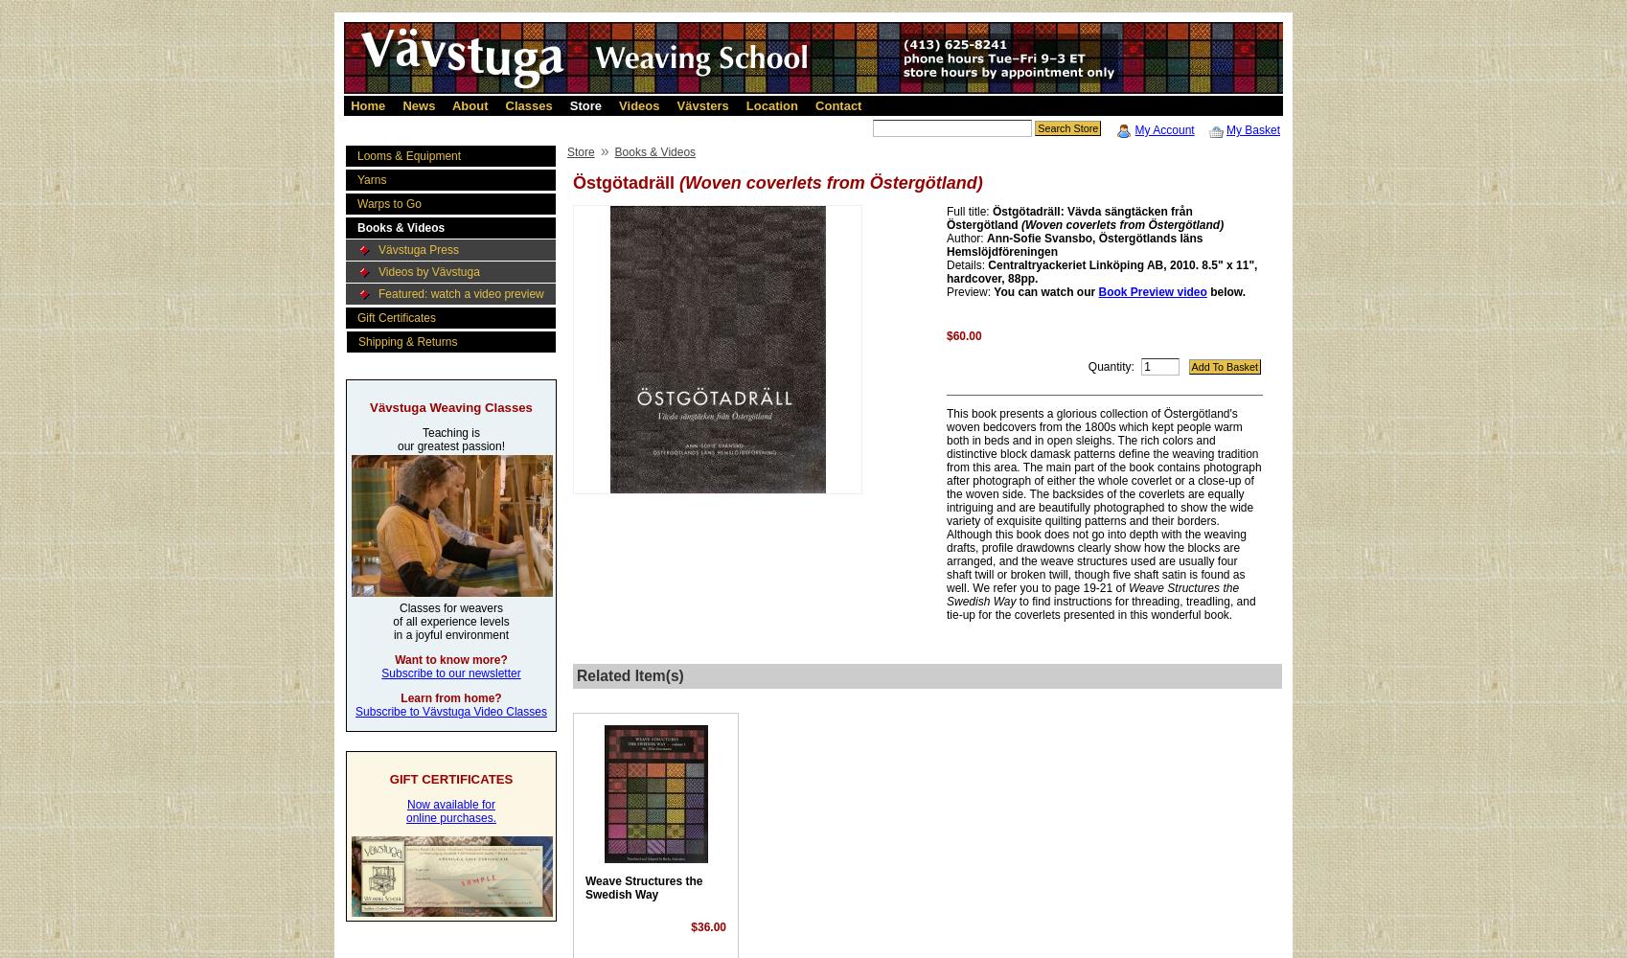 The width and height of the screenshot is (1627, 958). What do you see at coordinates (1045, 292) in the screenshot?
I see `'You can watch our'` at bounding box center [1045, 292].